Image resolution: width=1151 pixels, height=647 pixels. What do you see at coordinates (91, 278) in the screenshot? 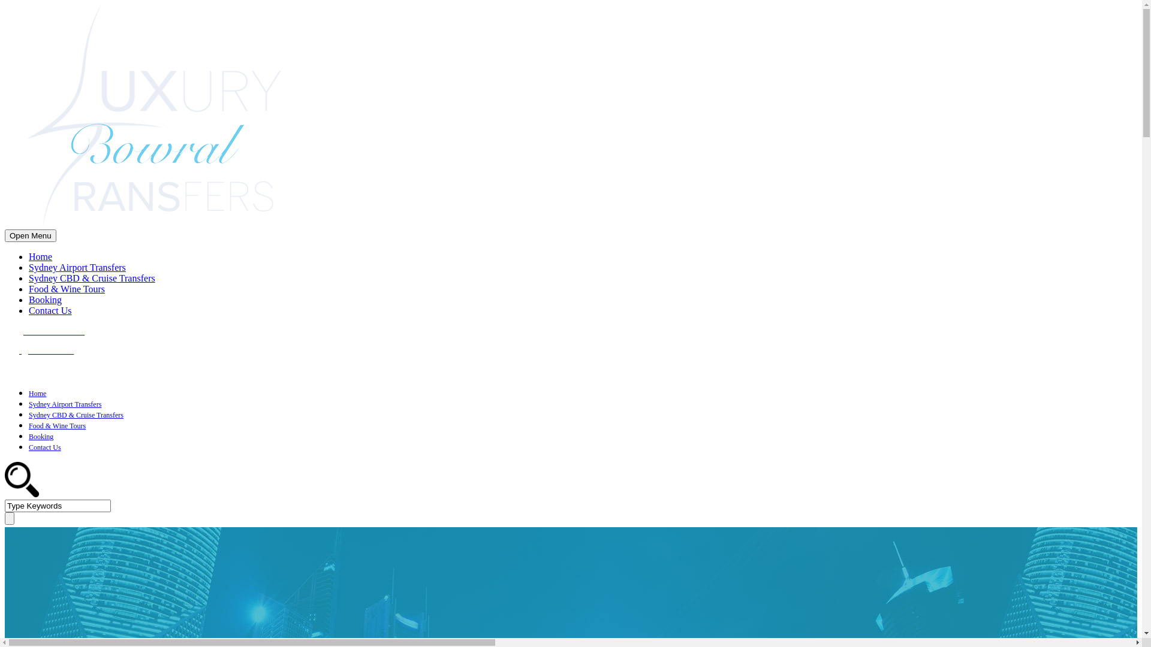
I see `'Sydney CBD & Cruise Transfers'` at bounding box center [91, 278].